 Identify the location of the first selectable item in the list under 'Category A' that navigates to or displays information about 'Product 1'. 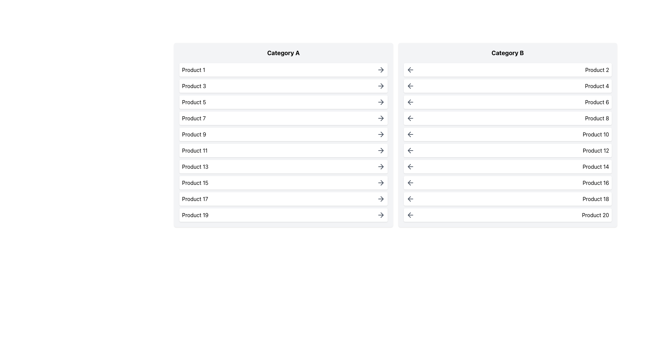
(283, 70).